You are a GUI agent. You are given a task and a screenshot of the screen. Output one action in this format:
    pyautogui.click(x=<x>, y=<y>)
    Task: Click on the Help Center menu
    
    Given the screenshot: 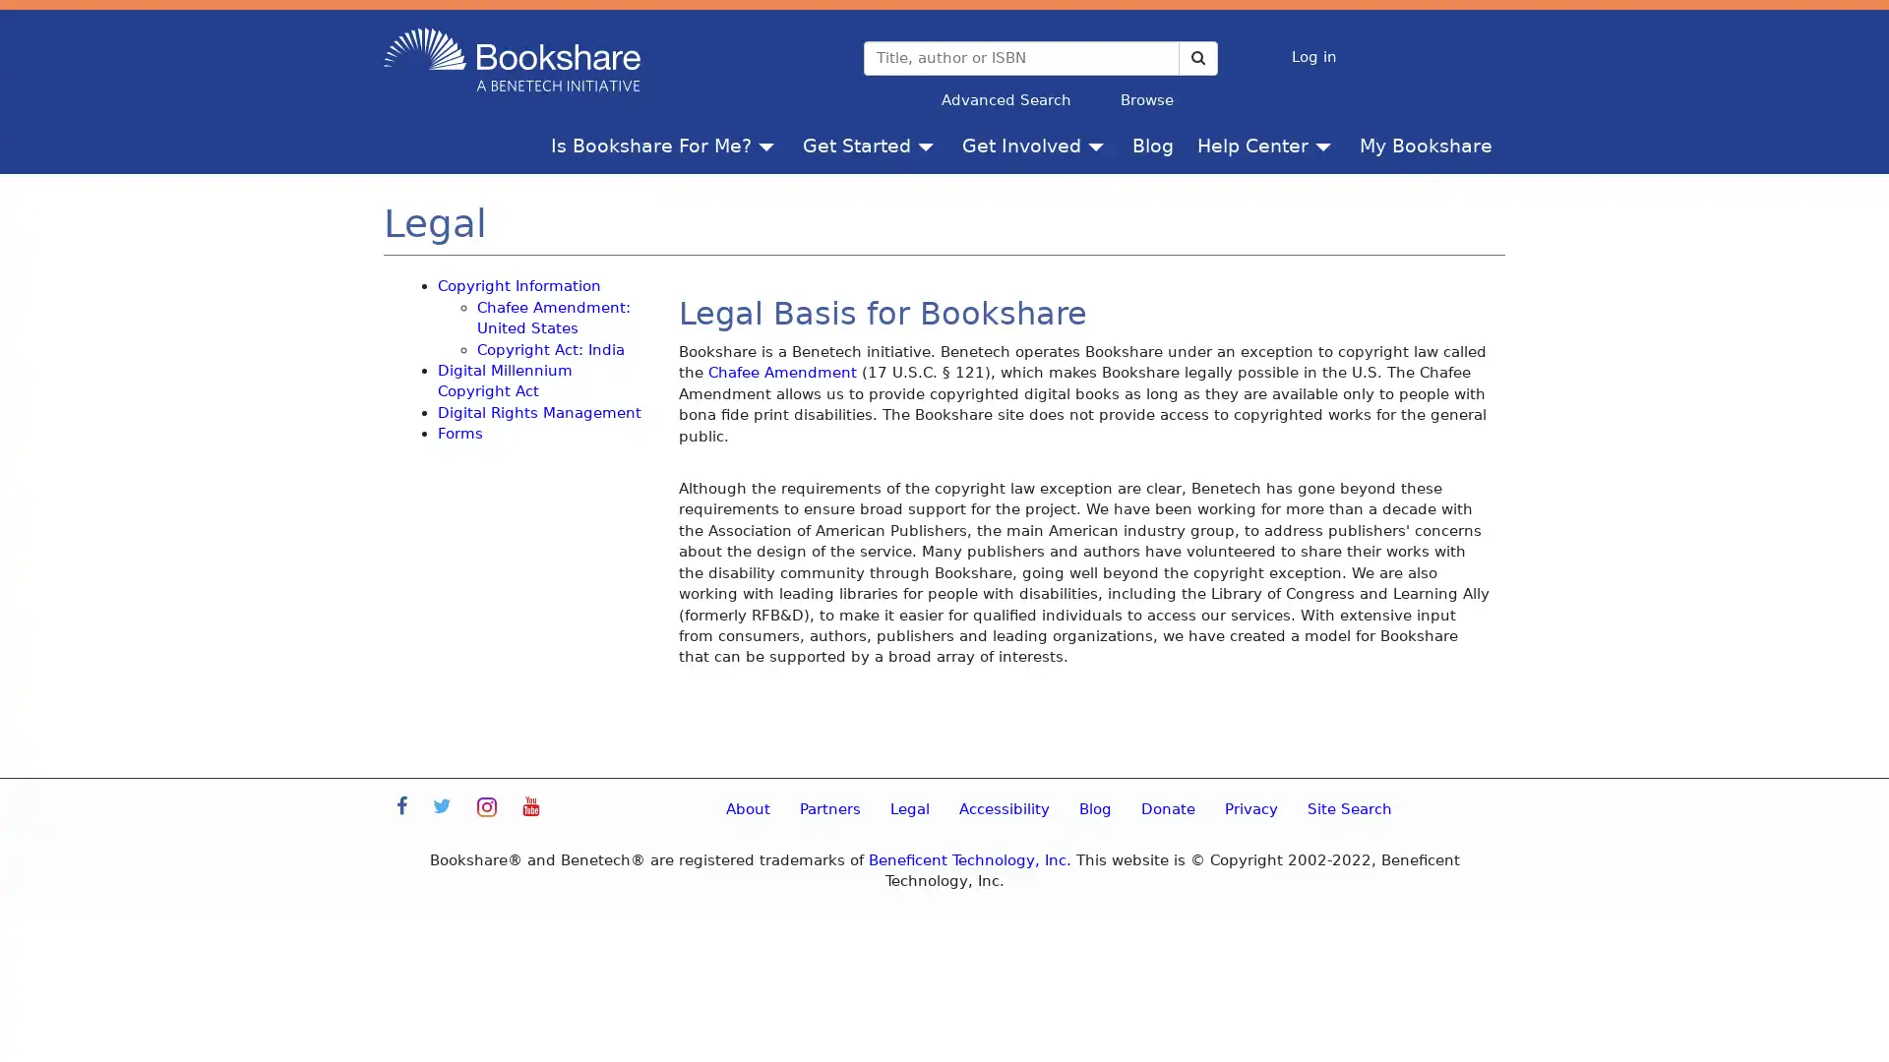 What is the action you would take?
    pyautogui.click(x=1327, y=144)
    